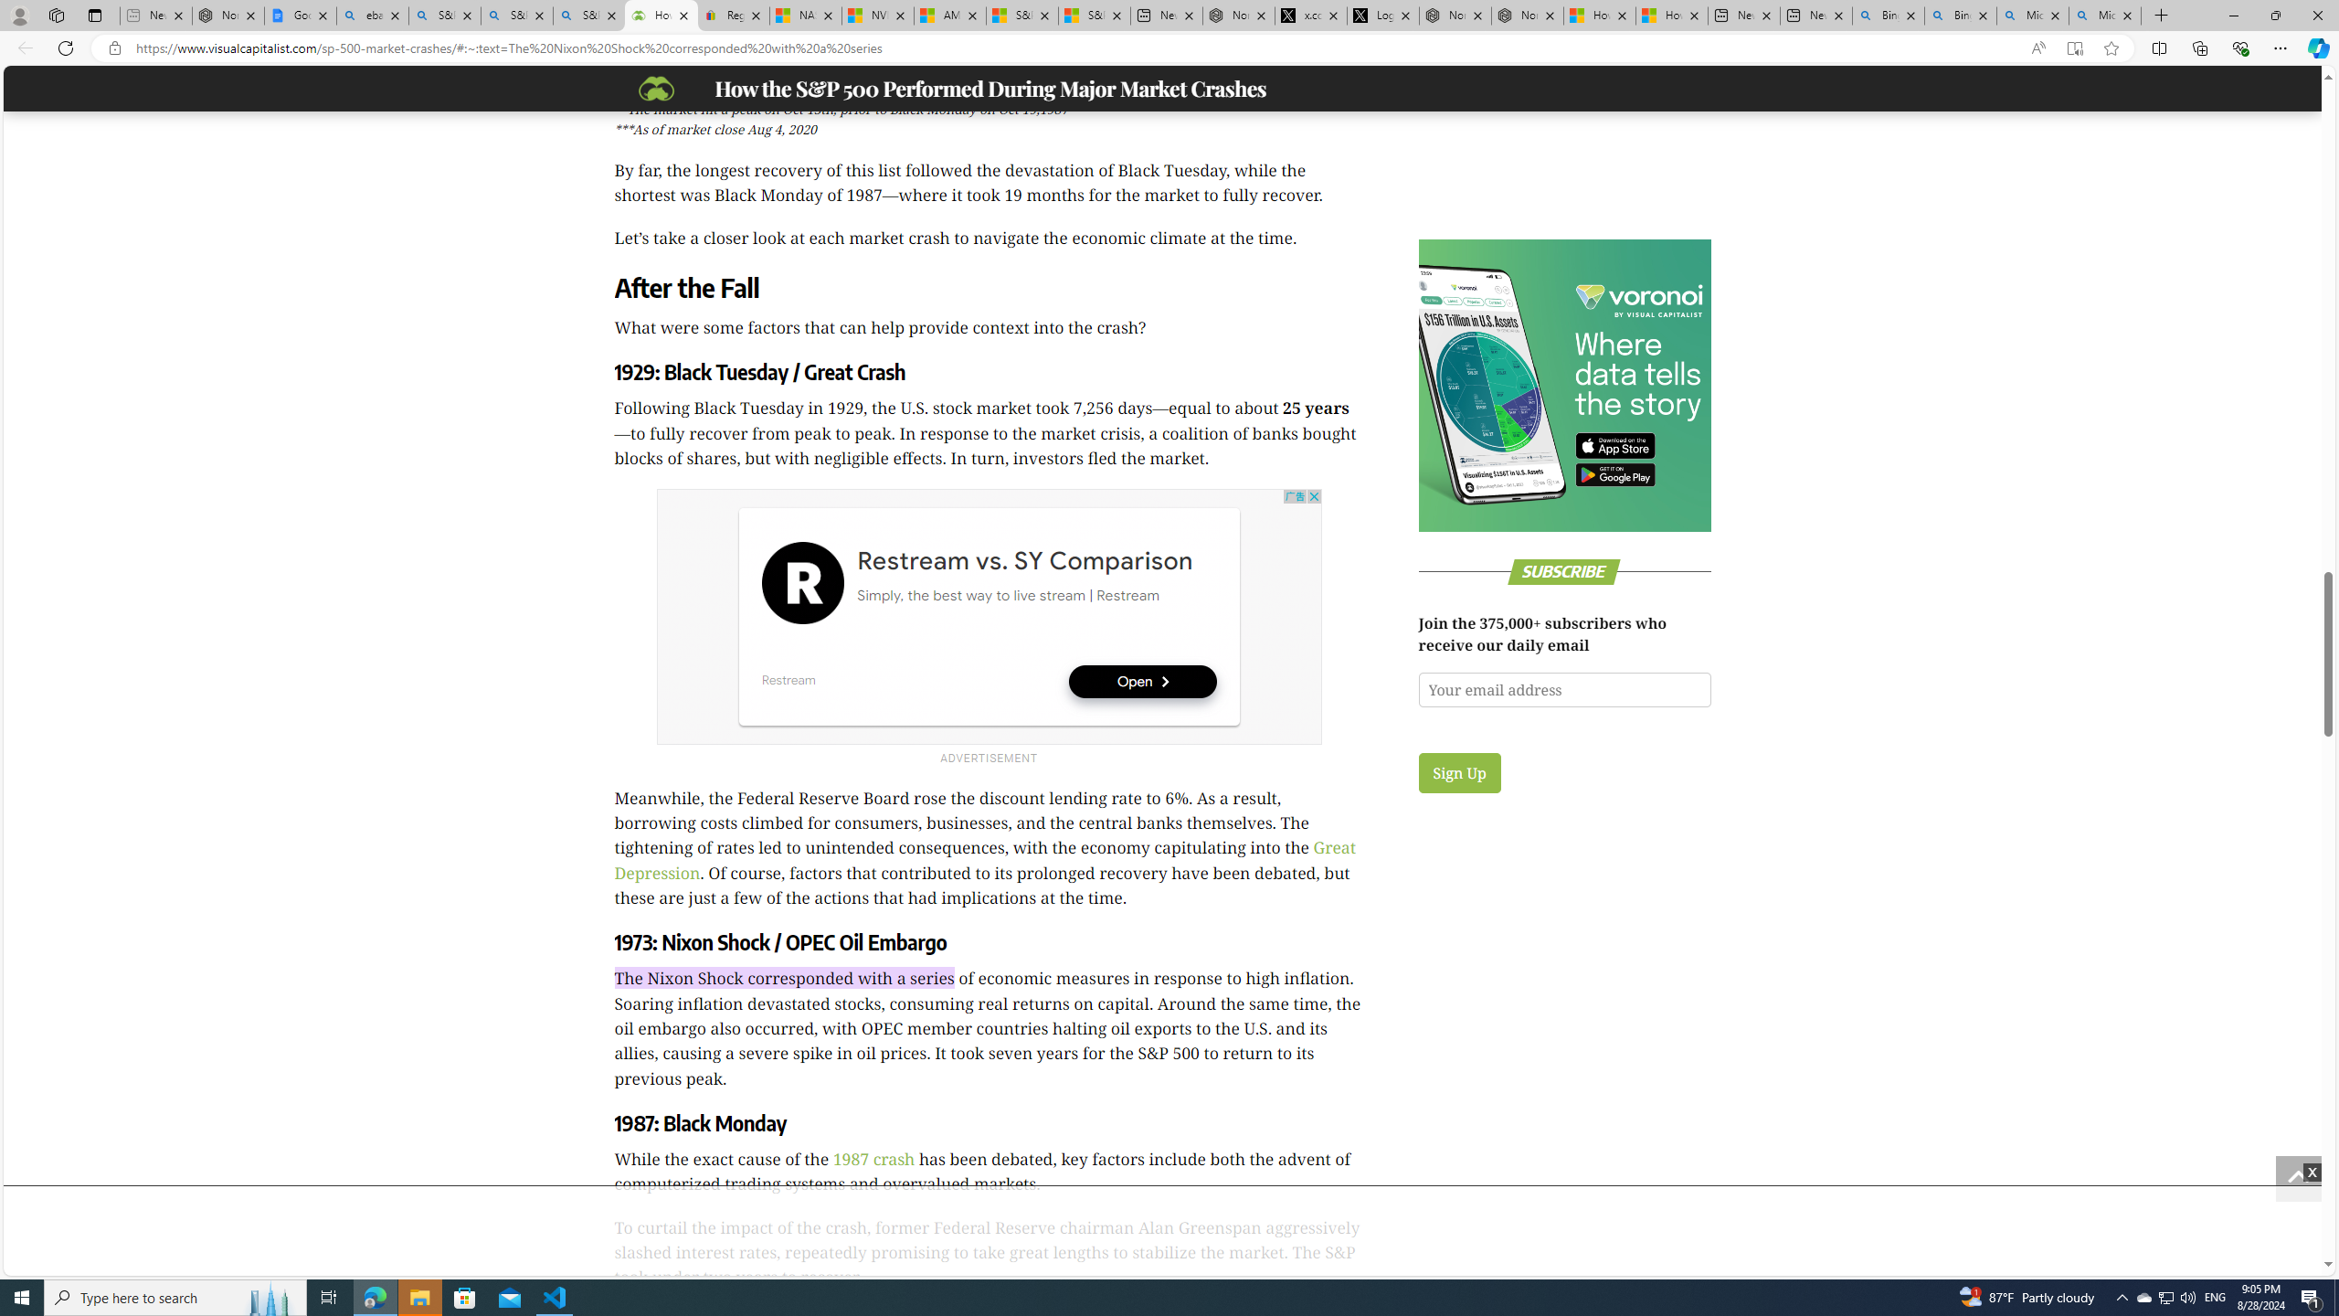  I want to click on 'S&P 500 - Search', so click(515, 15).